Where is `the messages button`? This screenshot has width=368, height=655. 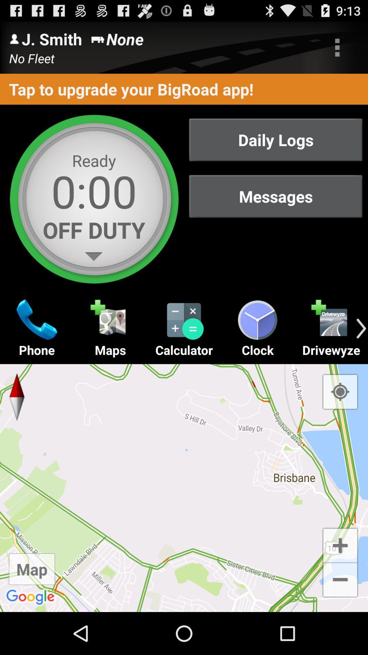
the messages button is located at coordinates (275, 196).